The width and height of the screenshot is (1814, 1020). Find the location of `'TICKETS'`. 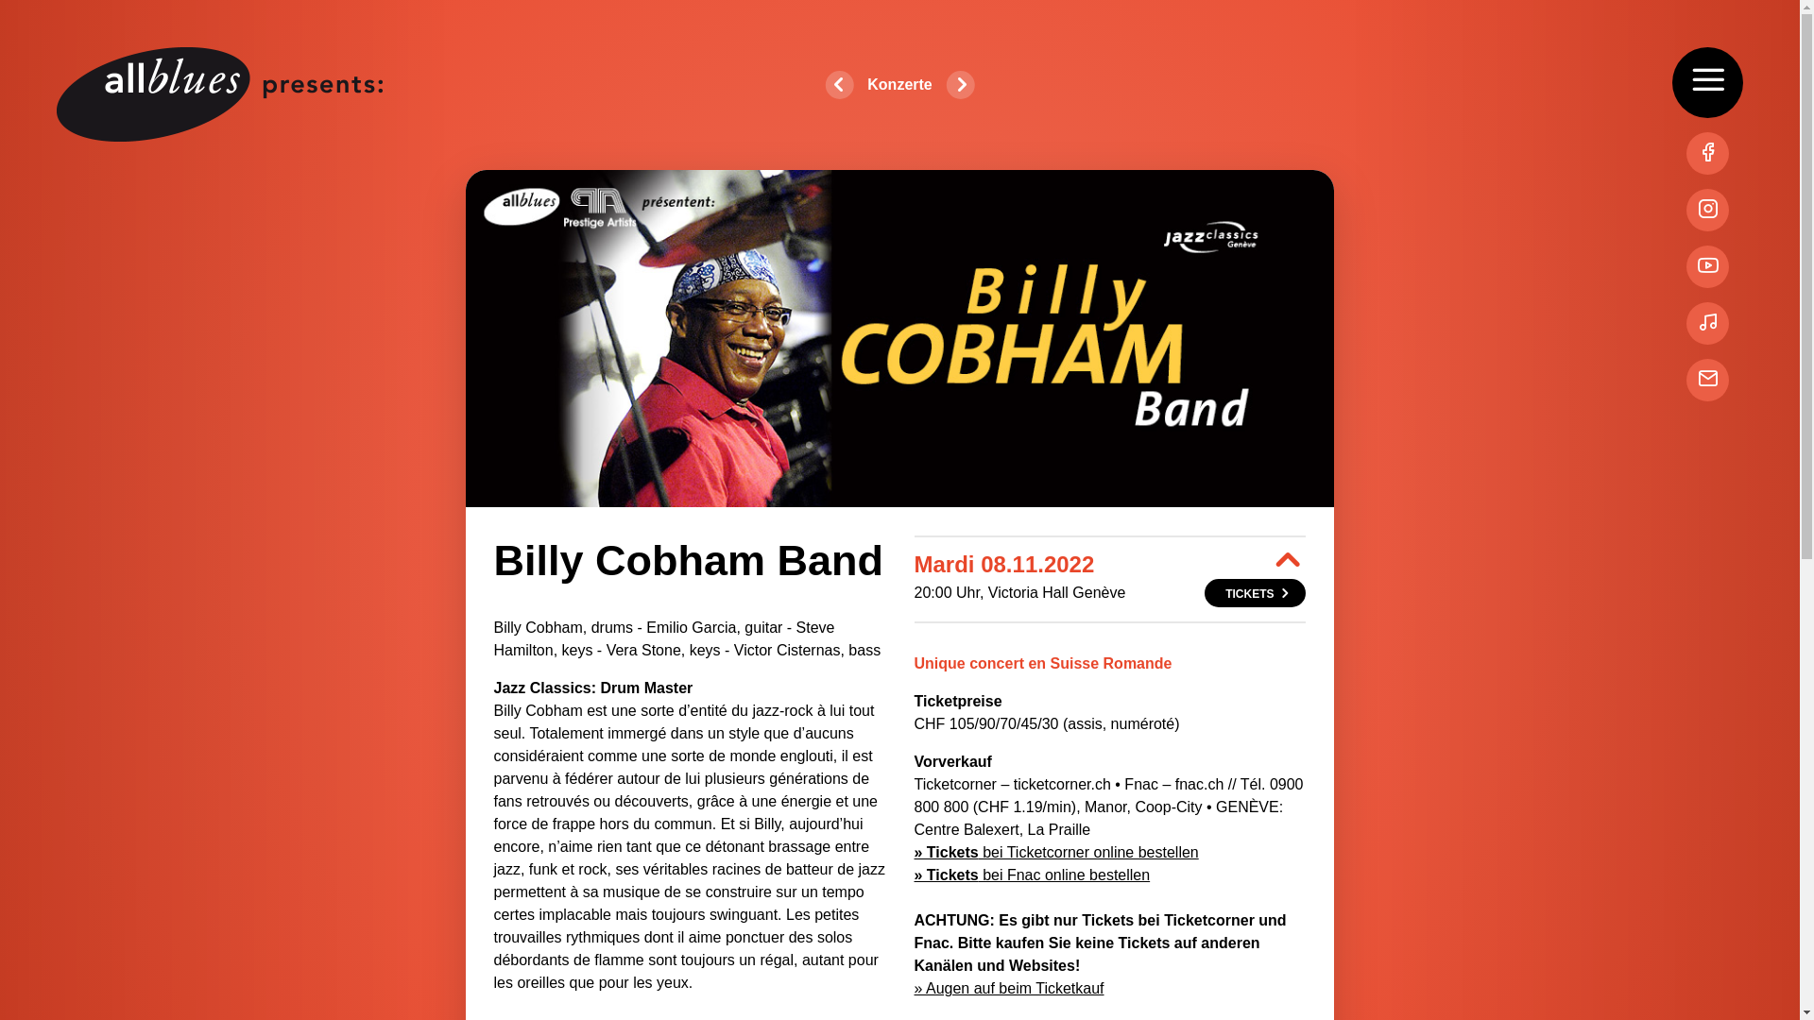

'TICKETS' is located at coordinates (1255, 592).